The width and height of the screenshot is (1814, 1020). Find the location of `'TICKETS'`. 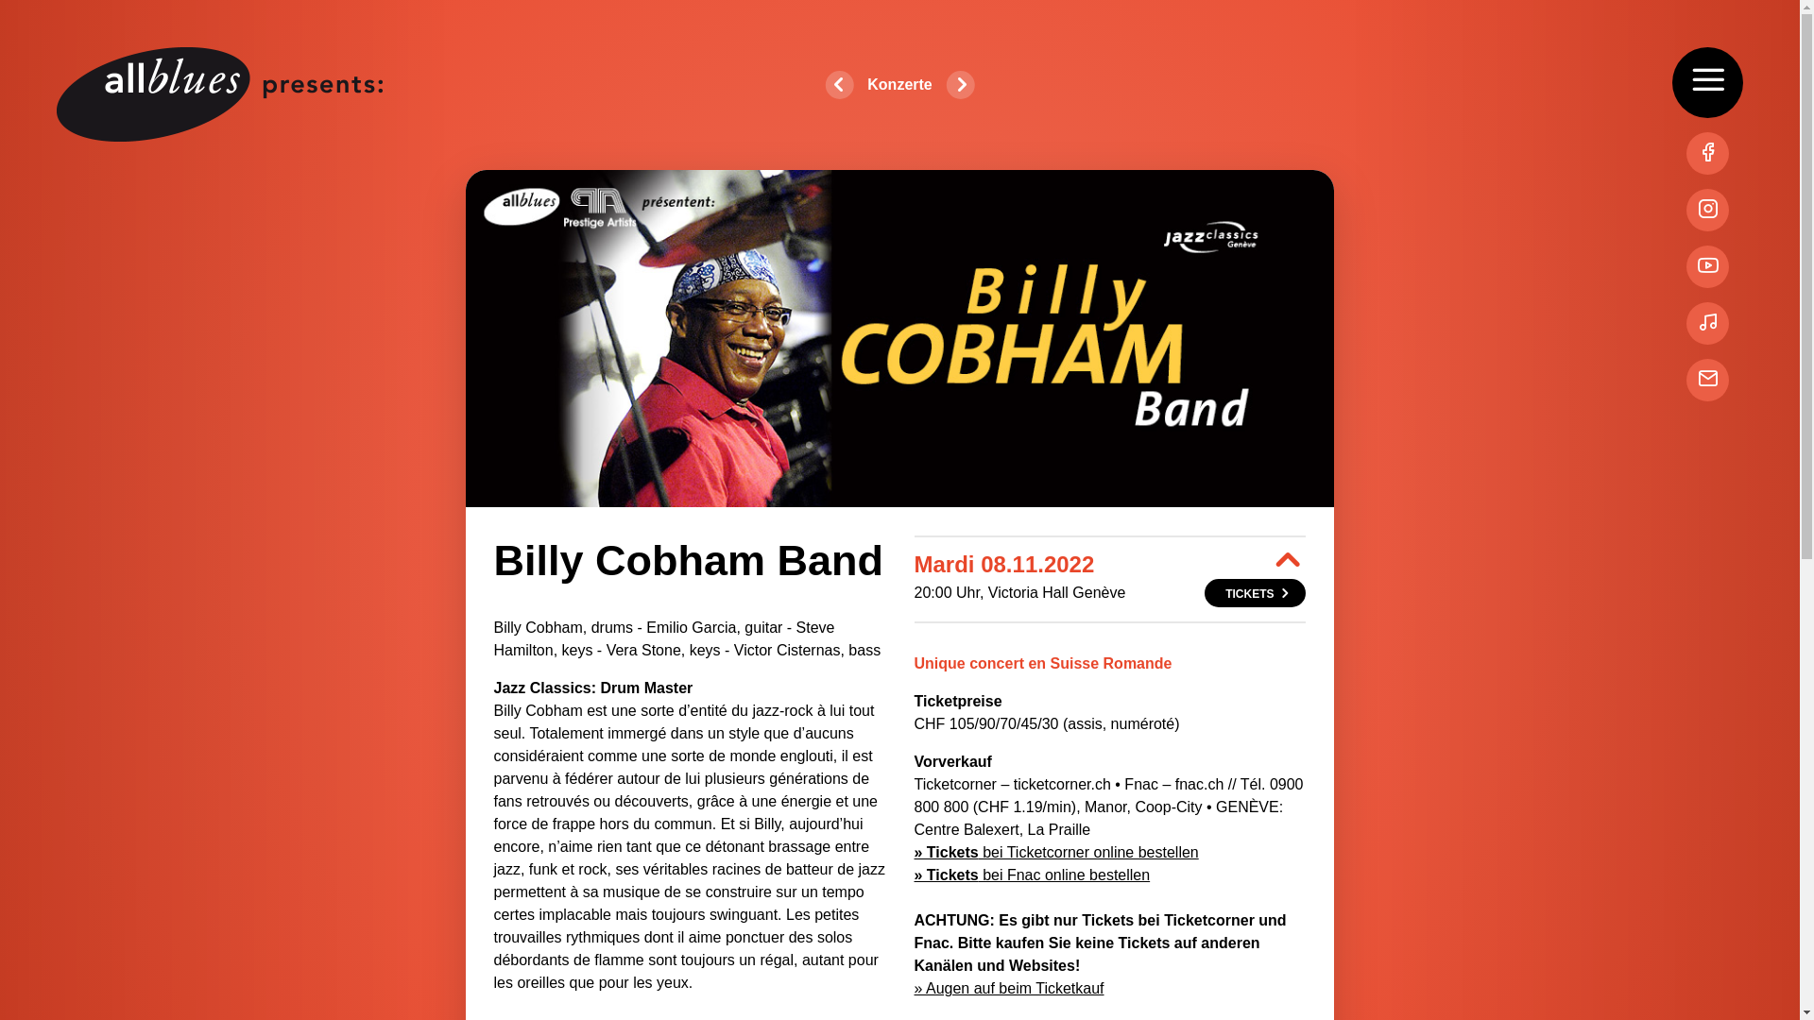

'TICKETS' is located at coordinates (1255, 592).